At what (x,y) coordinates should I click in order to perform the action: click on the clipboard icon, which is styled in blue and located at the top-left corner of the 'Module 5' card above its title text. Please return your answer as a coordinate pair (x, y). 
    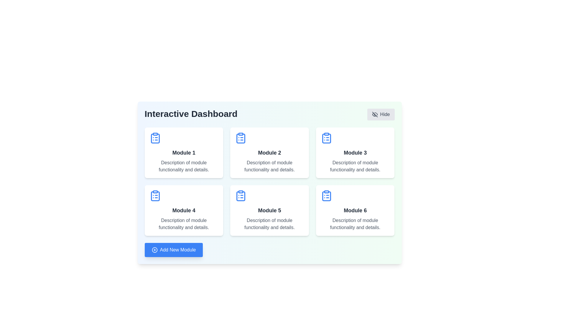
    Looking at the image, I should click on (241, 196).